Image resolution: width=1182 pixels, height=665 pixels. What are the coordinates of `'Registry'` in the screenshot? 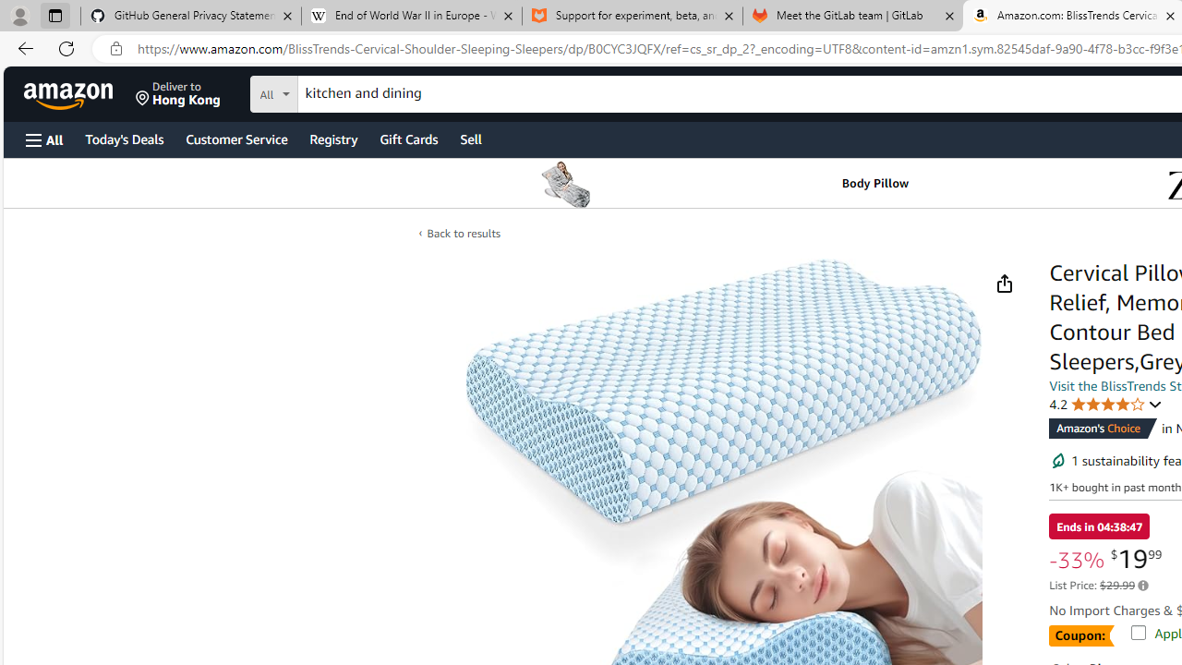 It's located at (332, 138).